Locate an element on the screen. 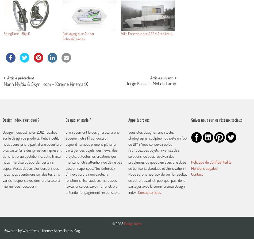 The width and height of the screenshot is (254, 239). 'Appel à projets' is located at coordinates (128, 119).